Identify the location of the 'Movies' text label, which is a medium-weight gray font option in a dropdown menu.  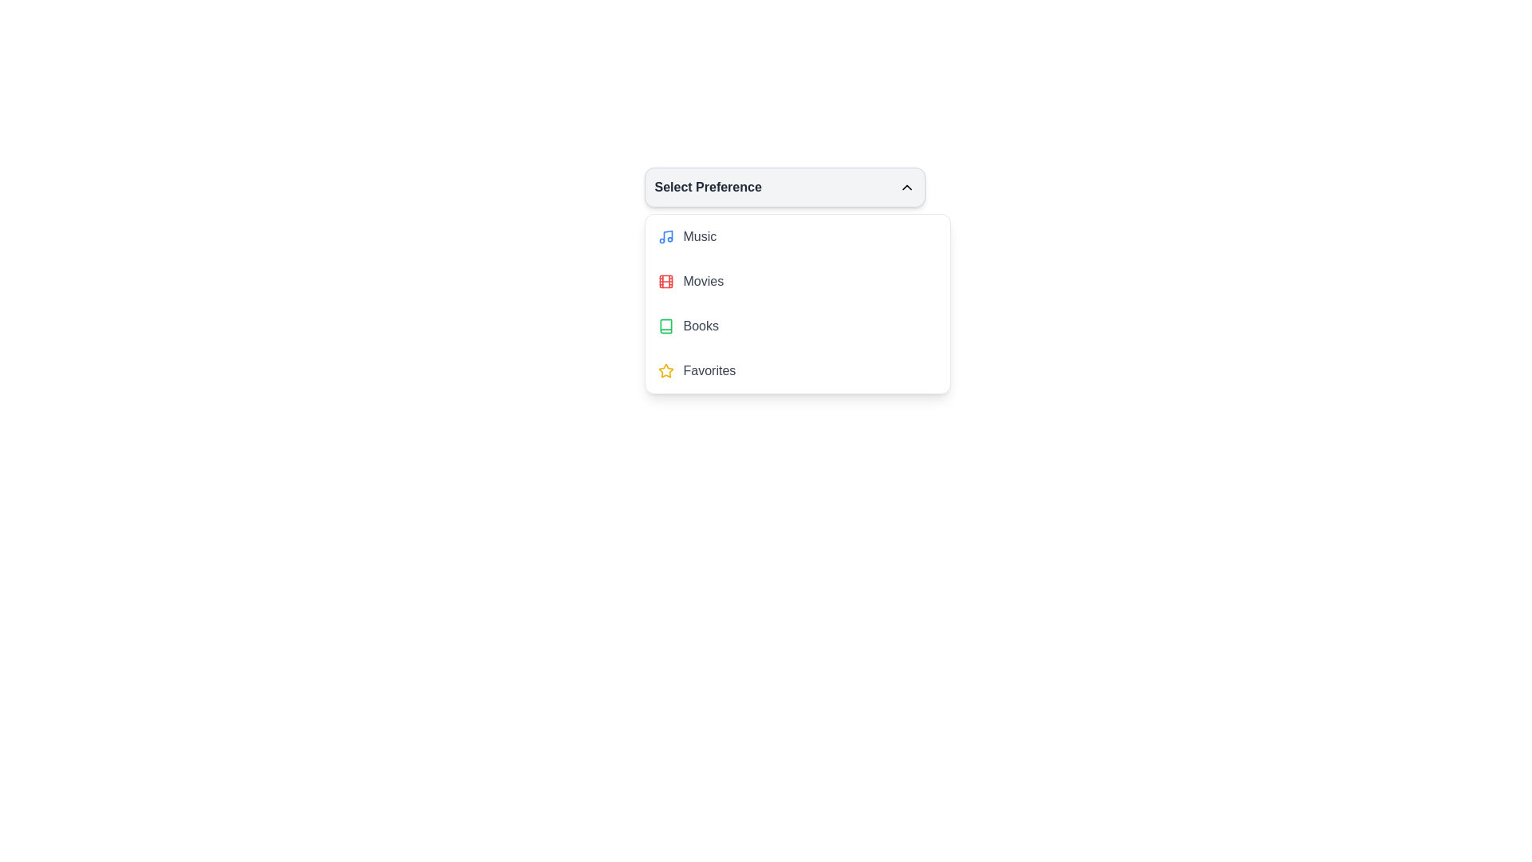
(702, 281).